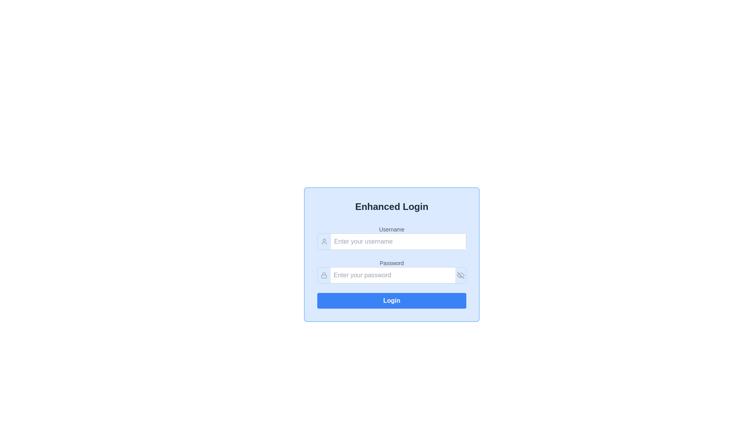 The width and height of the screenshot is (753, 423). What do you see at coordinates (391, 229) in the screenshot?
I see `the 'Username' label, which is a small-to-medium gray font text descriptor located directly above the input field and user icon` at bounding box center [391, 229].